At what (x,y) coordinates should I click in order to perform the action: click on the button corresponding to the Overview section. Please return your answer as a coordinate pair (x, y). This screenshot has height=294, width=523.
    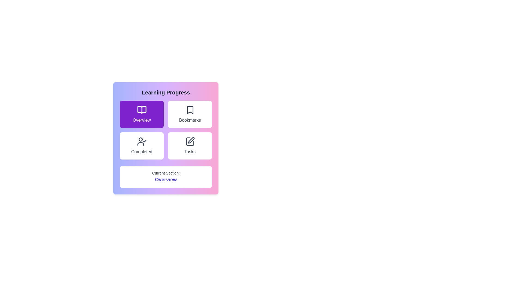
    Looking at the image, I should click on (142, 114).